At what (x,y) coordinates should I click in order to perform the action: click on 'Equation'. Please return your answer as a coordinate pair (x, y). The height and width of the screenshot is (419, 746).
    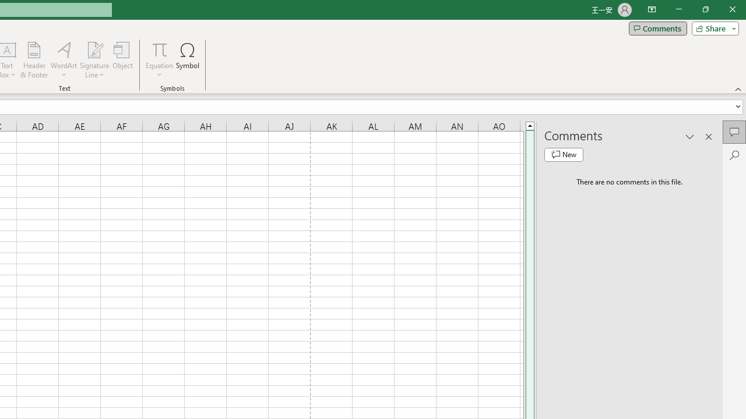
    Looking at the image, I should click on (159, 49).